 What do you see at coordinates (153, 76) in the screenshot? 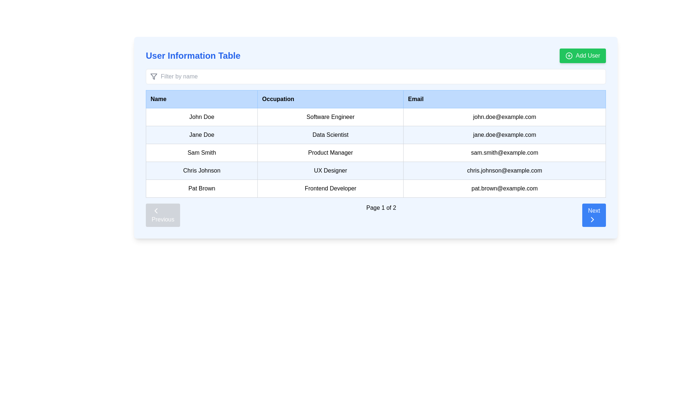
I see `the triangular filter icon located to the left of the 'Filter by name' input box` at bounding box center [153, 76].